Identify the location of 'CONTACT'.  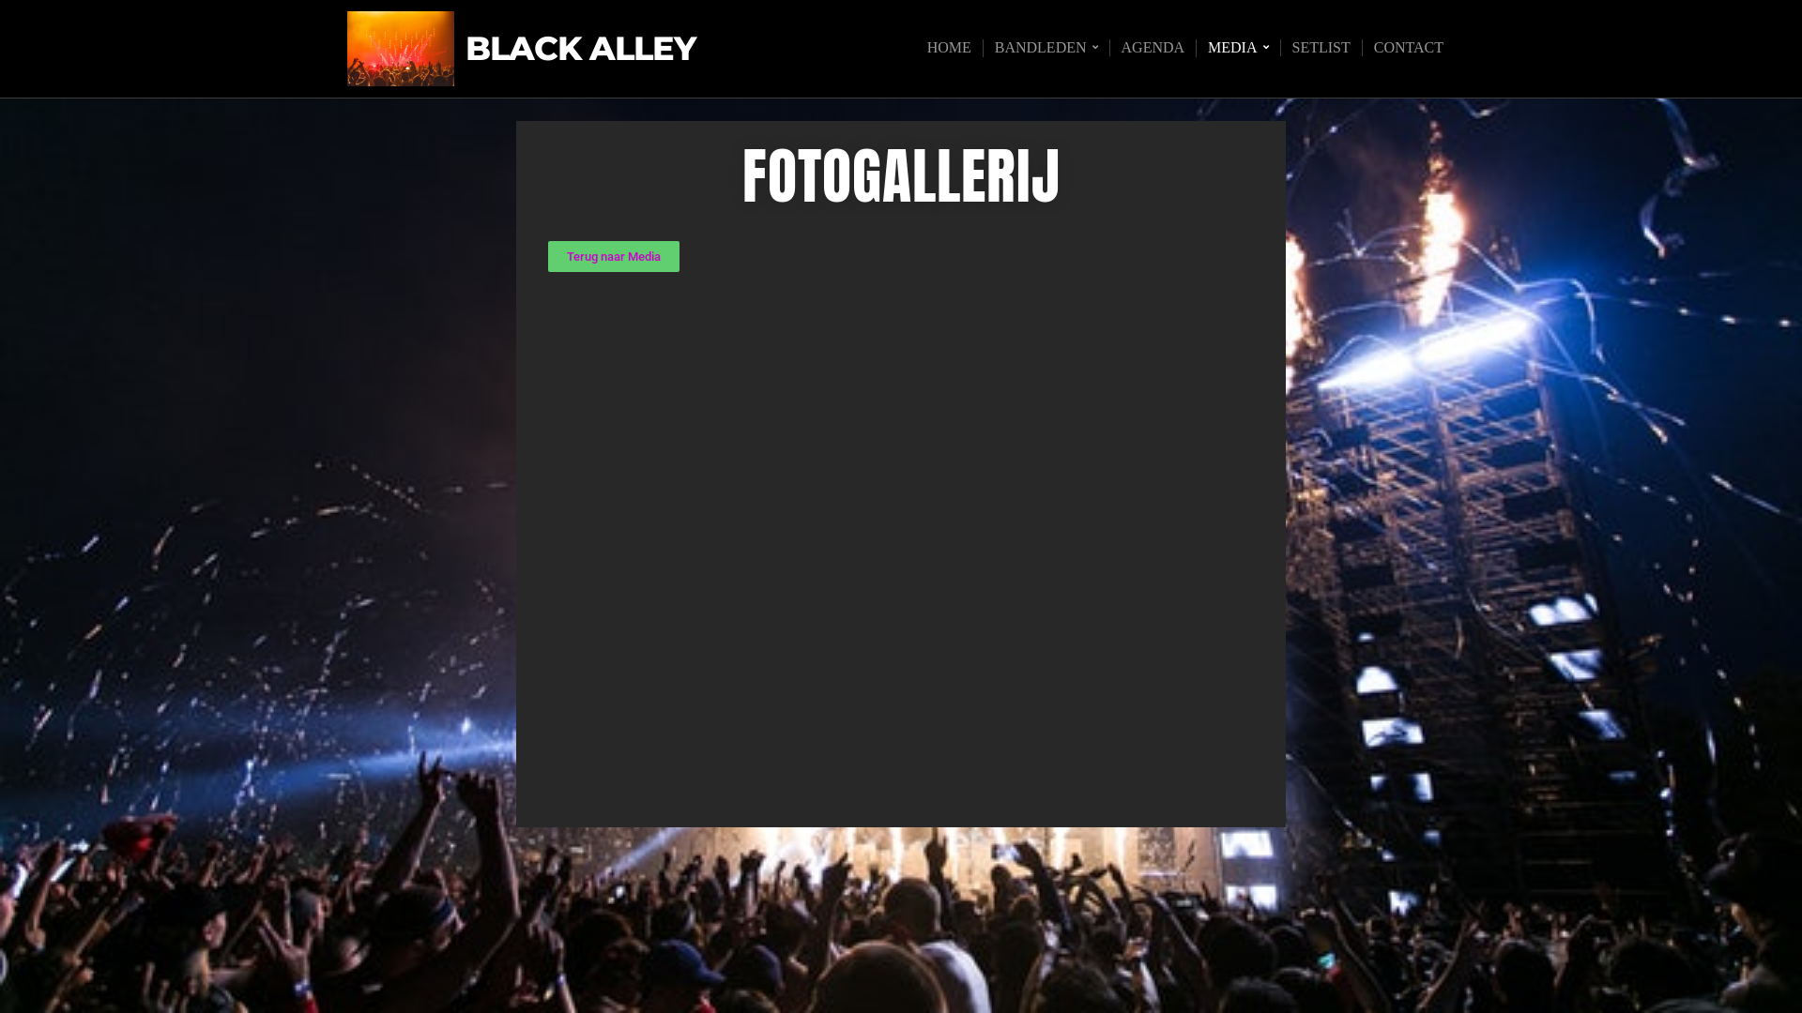
(1361, 46).